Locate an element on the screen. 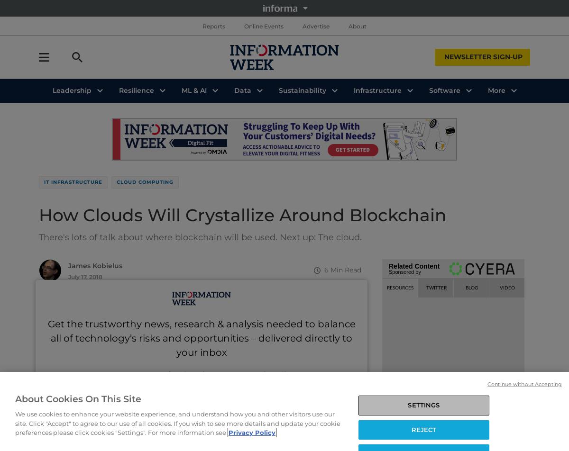  'Sustainability' is located at coordinates (278, 90).